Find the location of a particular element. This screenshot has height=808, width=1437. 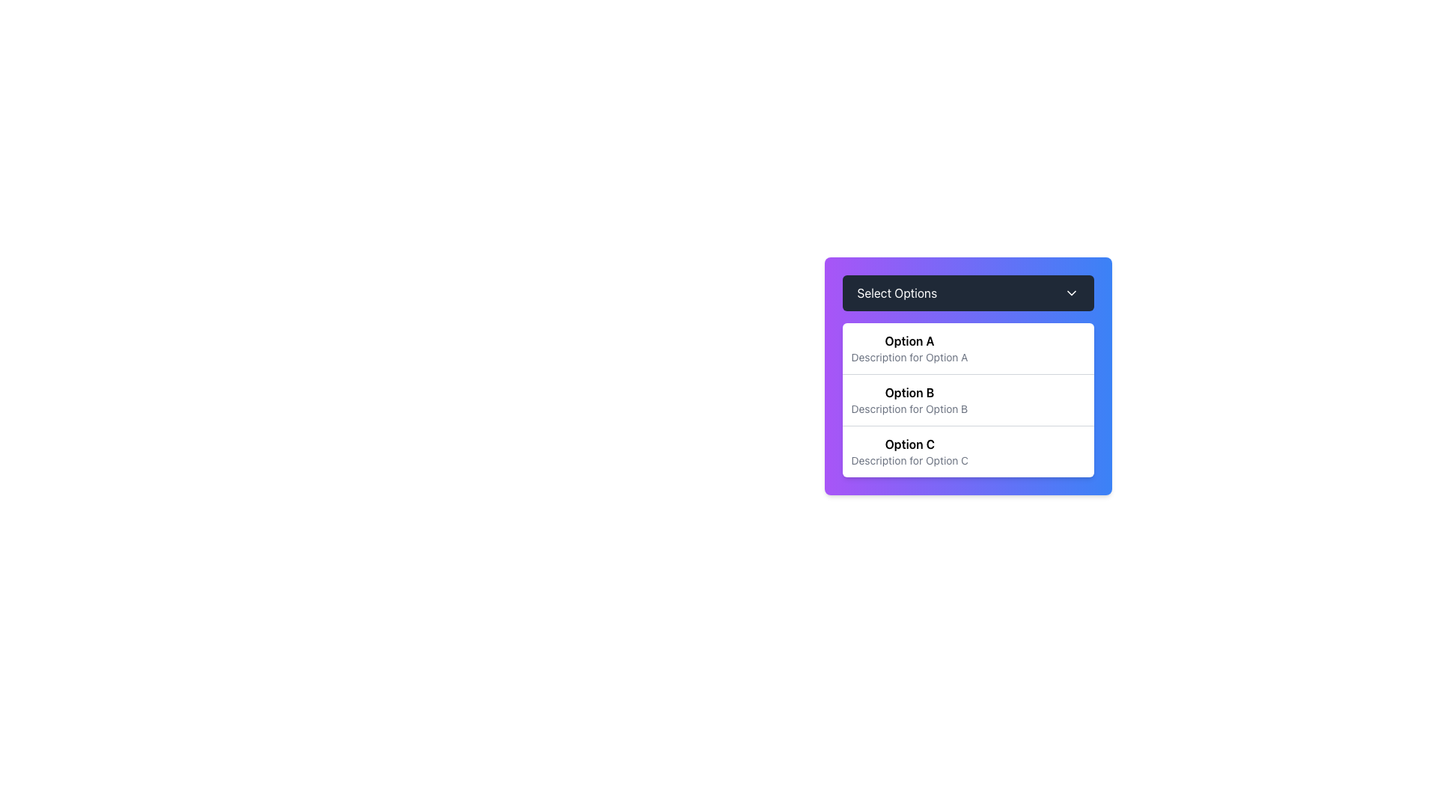

the List Item labeled 'Option C' is located at coordinates (909, 451).